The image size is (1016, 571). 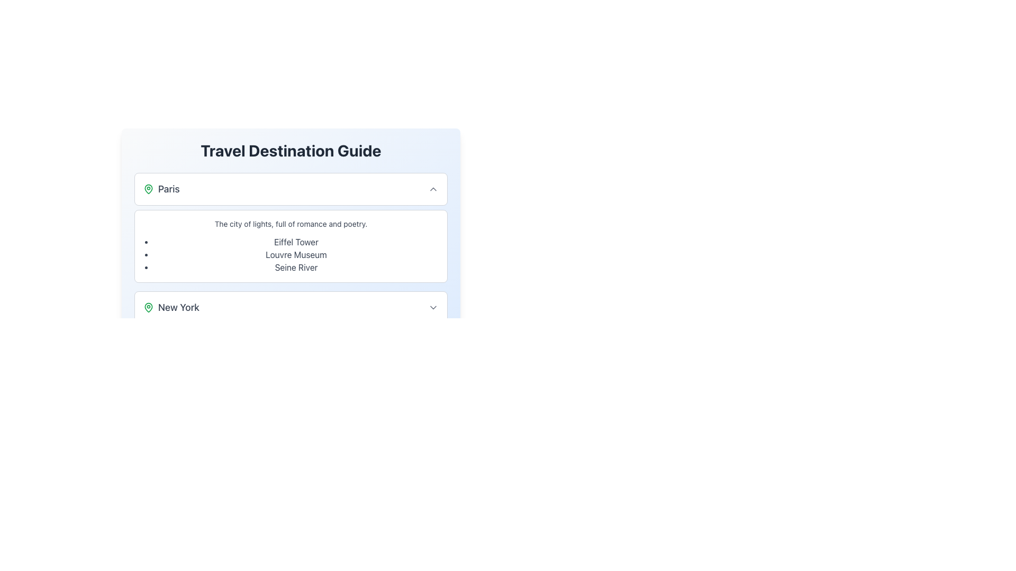 What do you see at coordinates (296, 255) in the screenshot?
I see `the list item that provides information about the Louvre Museum, located between the Eiffel Tower and the Seine River in the Paris travel guide section` at bounding box center [296, 255].